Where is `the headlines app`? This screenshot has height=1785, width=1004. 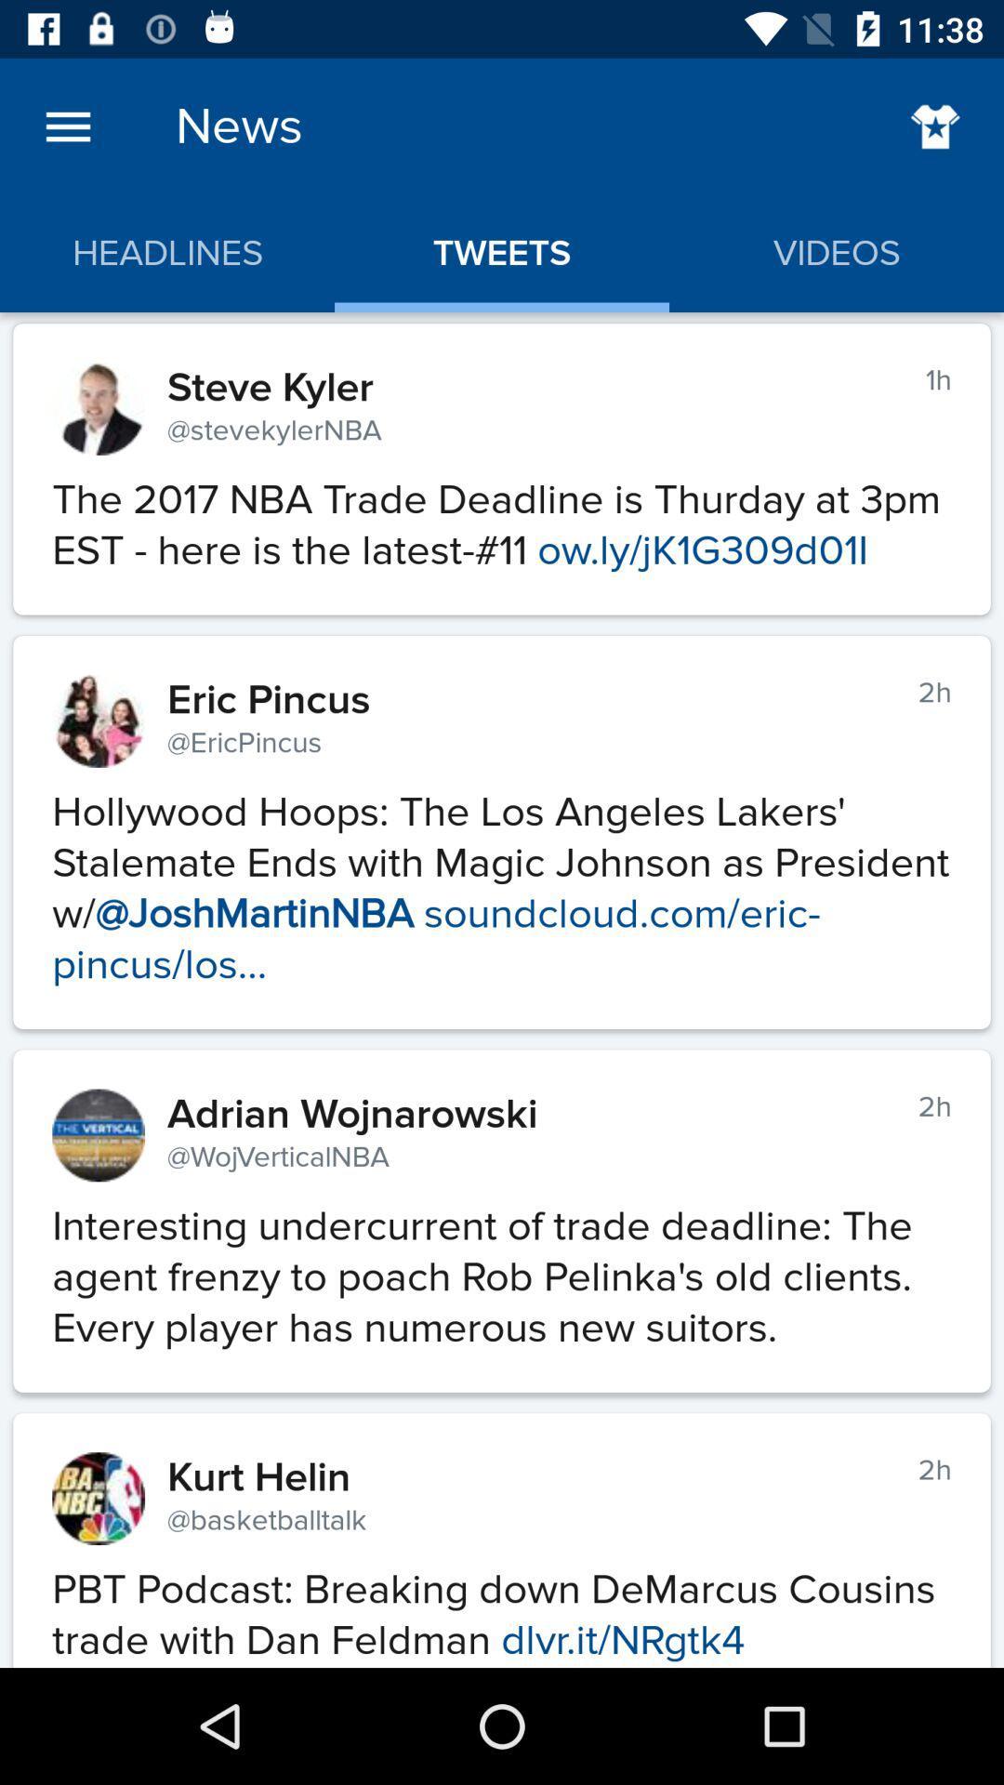 the headlines app is located at coordinates (167, 253).